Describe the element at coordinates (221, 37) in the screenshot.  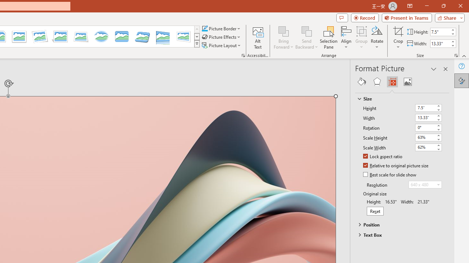
I see `'Picture Effects'` at that location.